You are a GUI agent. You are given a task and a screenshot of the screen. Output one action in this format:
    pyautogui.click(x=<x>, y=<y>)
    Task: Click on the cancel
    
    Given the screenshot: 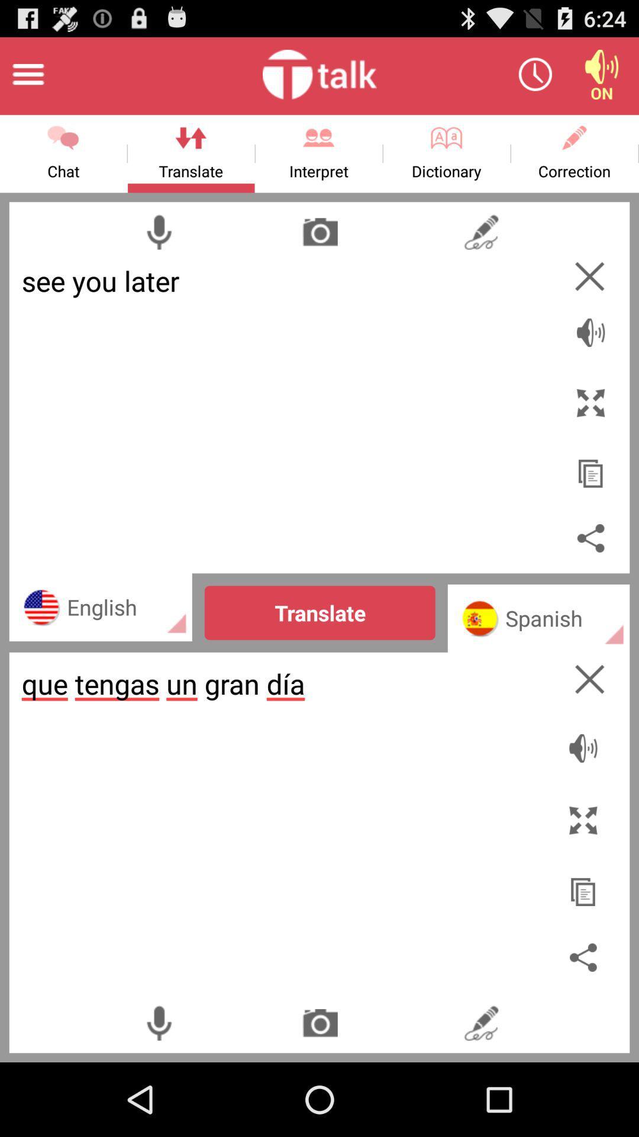 What is the action you would take?
    pyautogui.click(x=589, y=275)
    